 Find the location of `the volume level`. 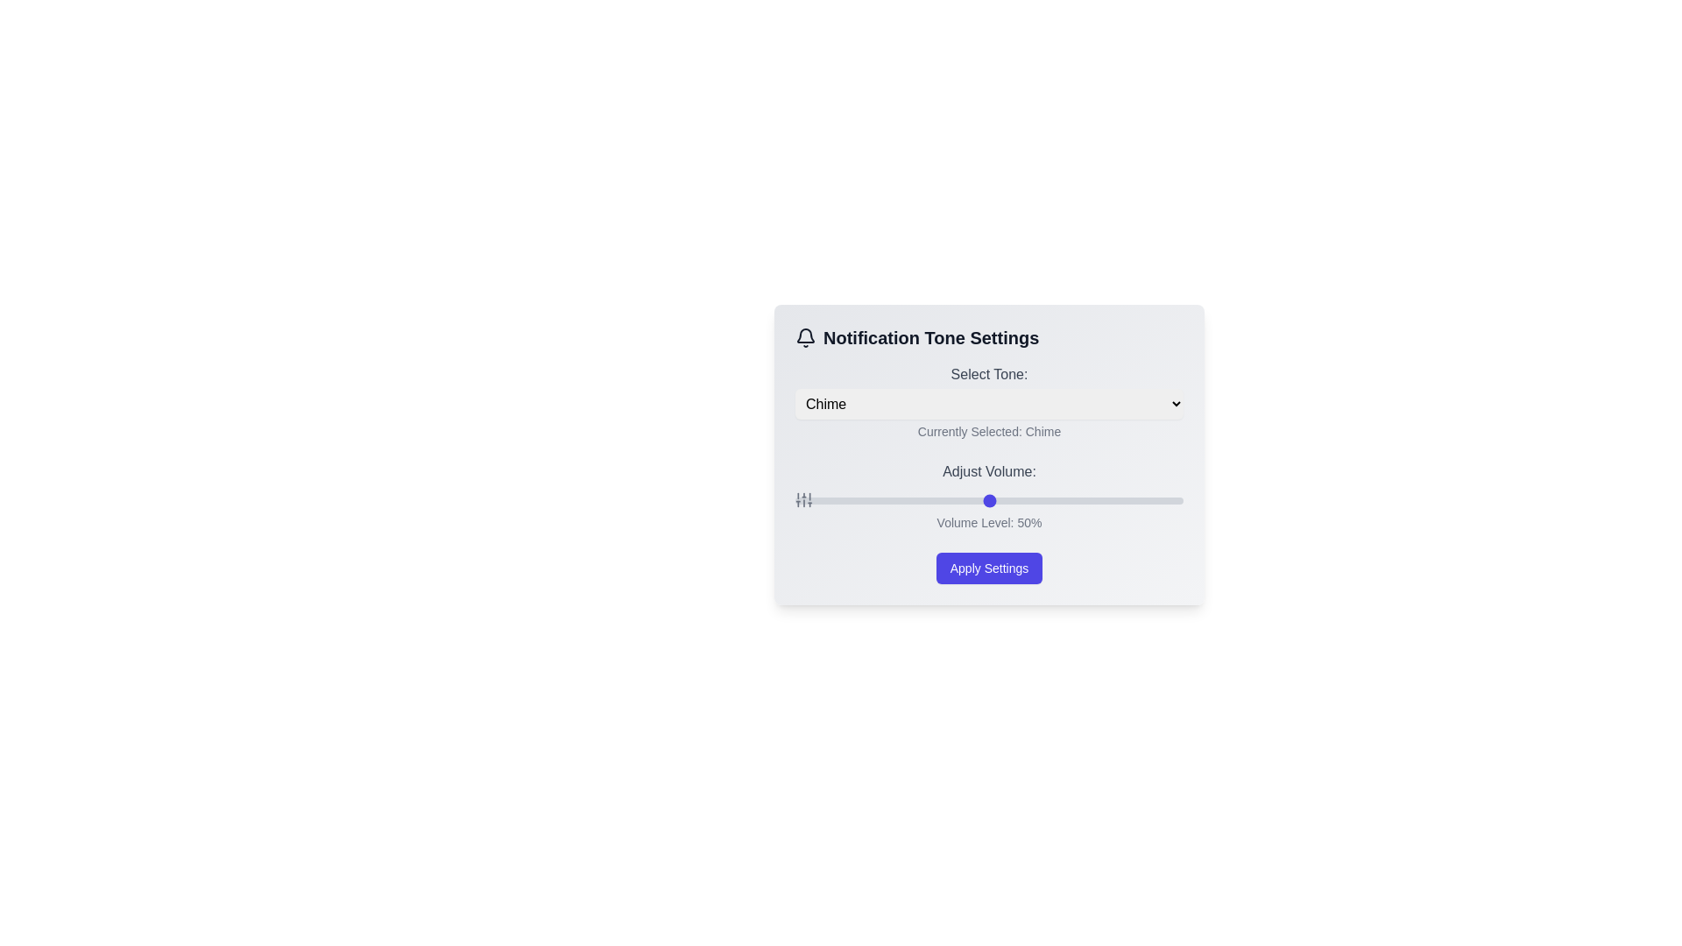

the volume level is located at coordinates (1051, 500).